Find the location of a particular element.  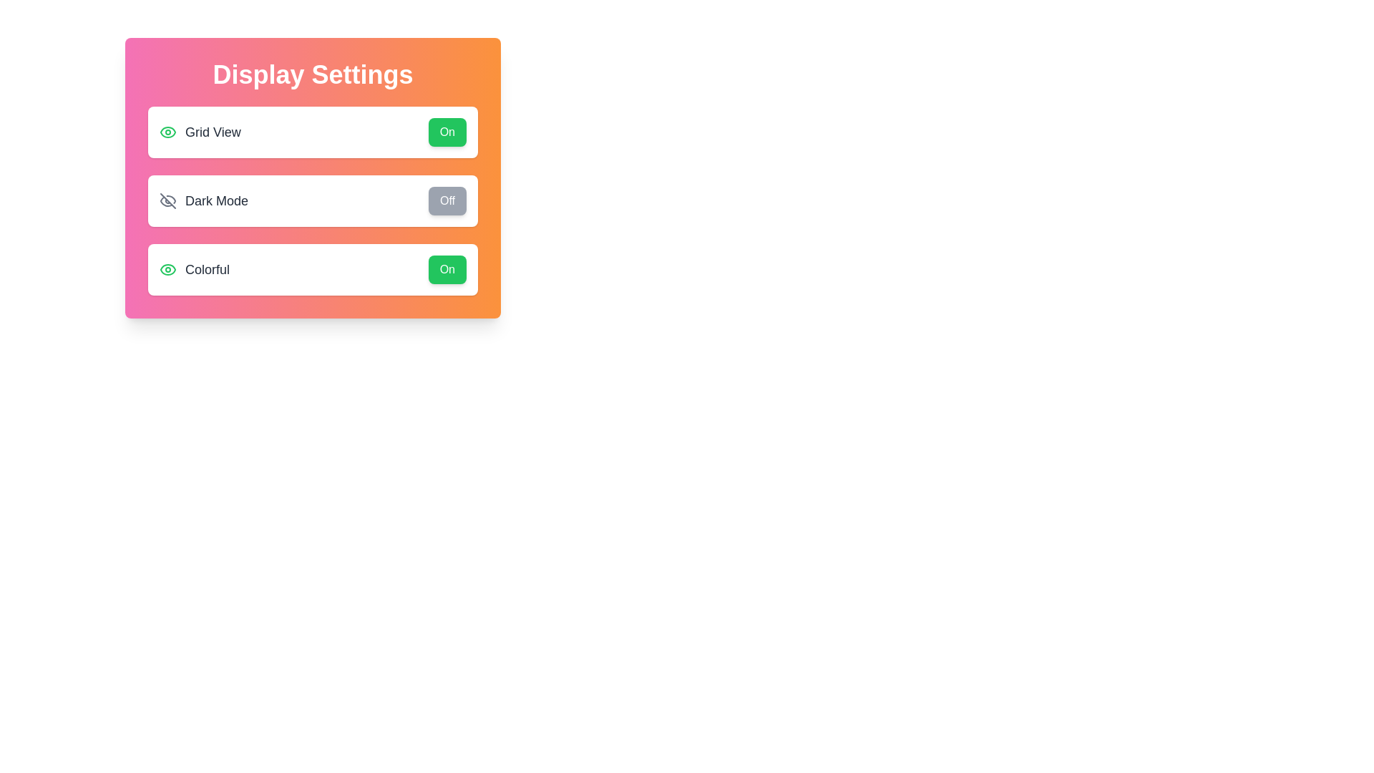

the 'Colorful' toggle button to change its state is located at coordinates (446, 270).